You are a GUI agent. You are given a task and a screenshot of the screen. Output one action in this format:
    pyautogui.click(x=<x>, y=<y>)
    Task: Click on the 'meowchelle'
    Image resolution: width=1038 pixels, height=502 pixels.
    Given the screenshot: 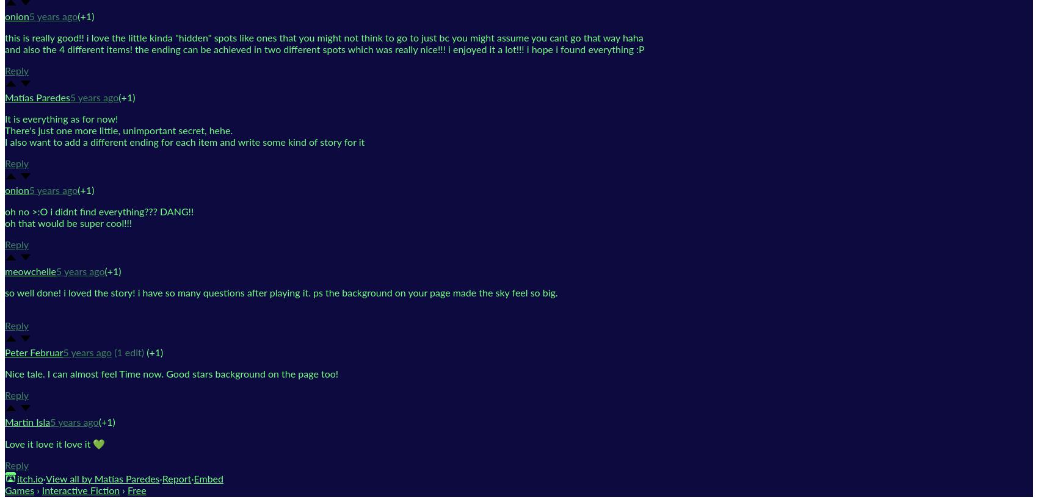 What is the action you would take?
    pyautogui.click(x=30, y=271)
    